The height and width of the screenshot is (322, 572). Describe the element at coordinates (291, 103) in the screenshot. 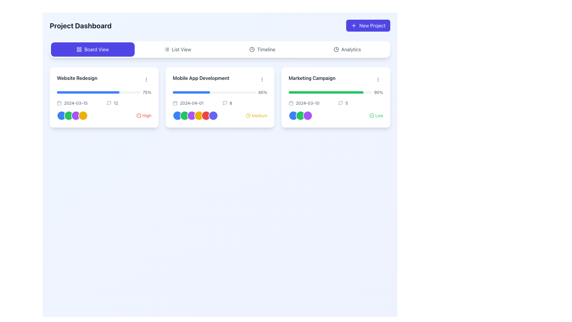

I see `the Calendar icon located at the beginning of the 'Marketing Campaign' section, which visually represents the date '2024-03-10'` at that location.